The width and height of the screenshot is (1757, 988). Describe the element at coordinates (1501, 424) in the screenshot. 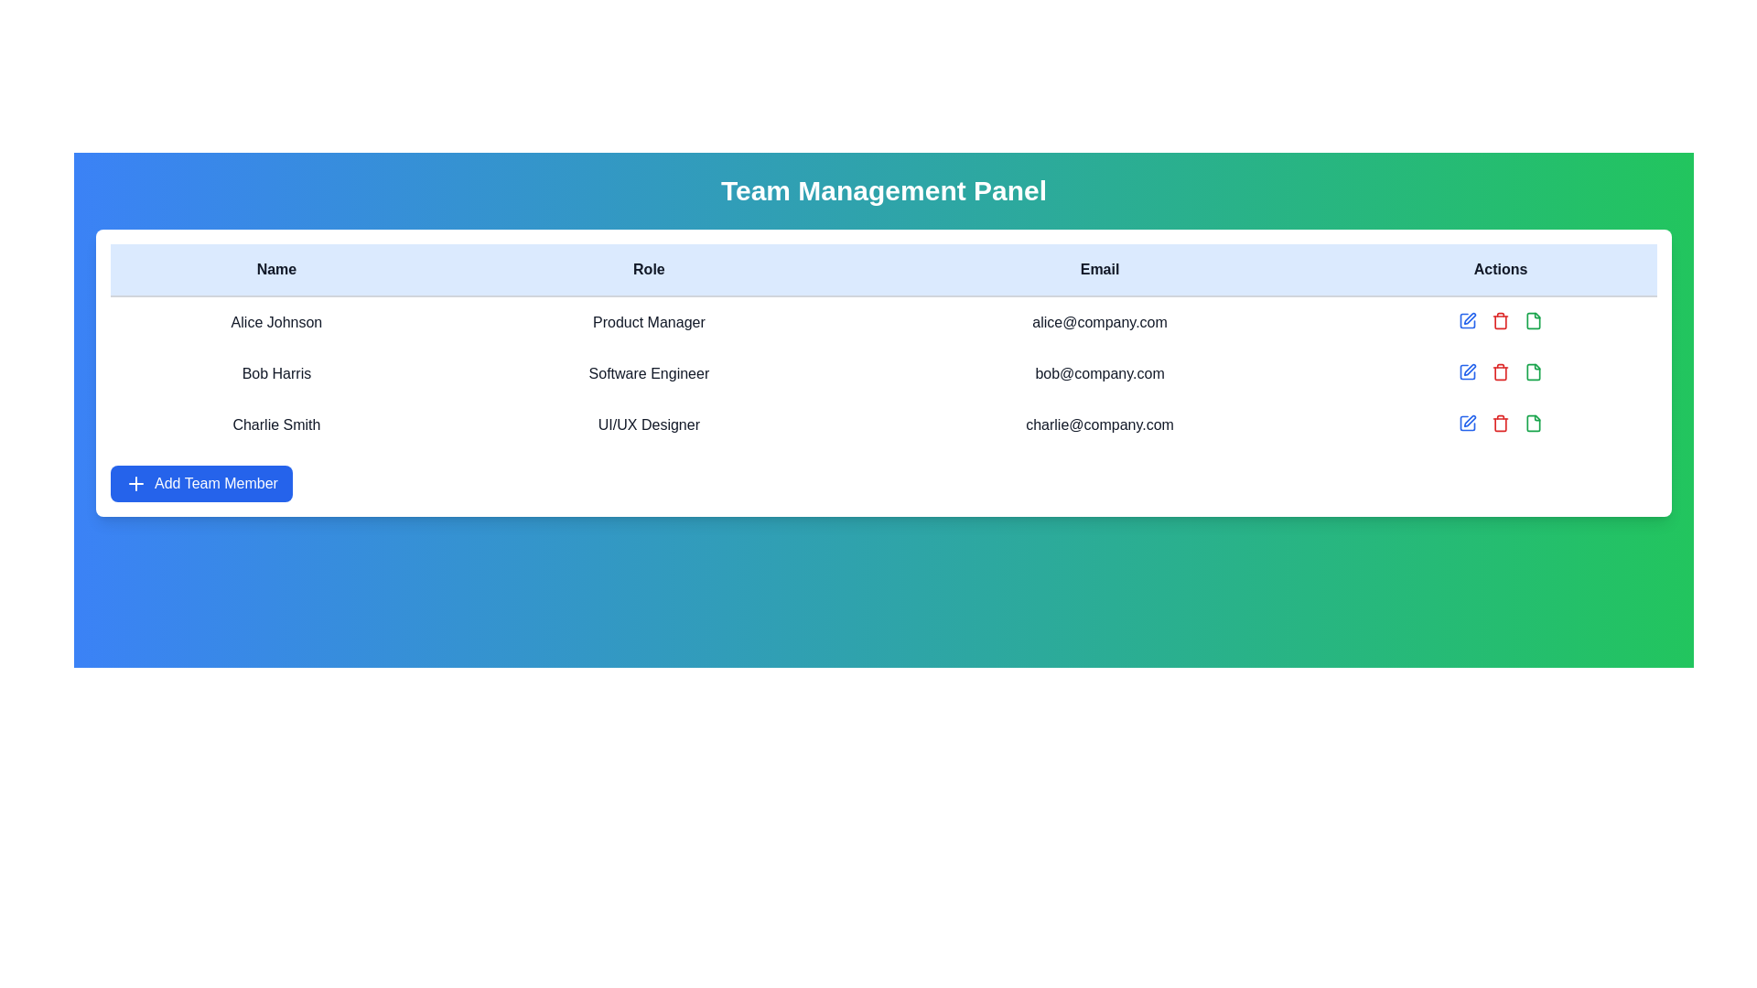

I see `the main body of the trash bin icon in the 'Actions' column associated with 'Charlie Smith' in the last row` at that location.